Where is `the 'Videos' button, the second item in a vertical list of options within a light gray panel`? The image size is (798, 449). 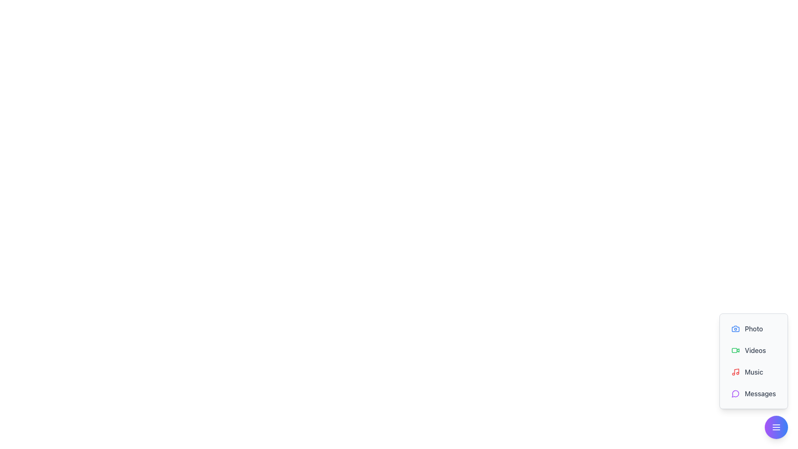 the 'Videos' button, the second item in a vertical list of options within a light gray panel is located at coordinates (754, 350).